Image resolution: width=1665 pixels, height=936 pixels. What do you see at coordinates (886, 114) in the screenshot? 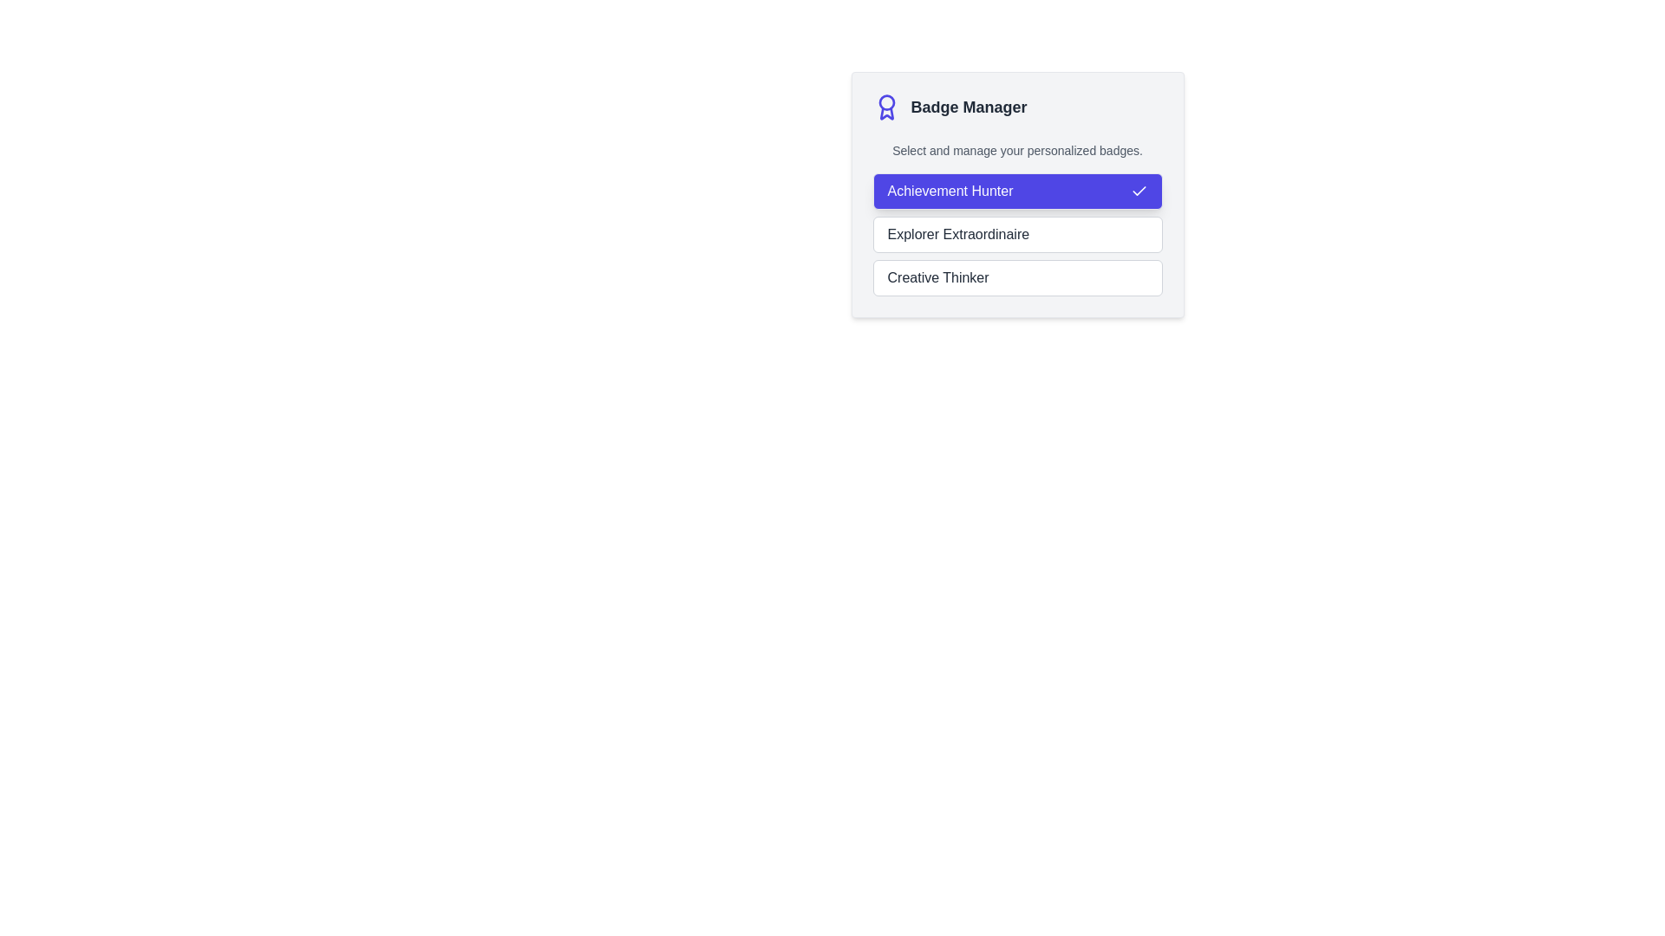
I see `the decorative icon part within the SVG badge icon, located to the left of the heading 'Badge Manager'` at bounding box center [886, 114].